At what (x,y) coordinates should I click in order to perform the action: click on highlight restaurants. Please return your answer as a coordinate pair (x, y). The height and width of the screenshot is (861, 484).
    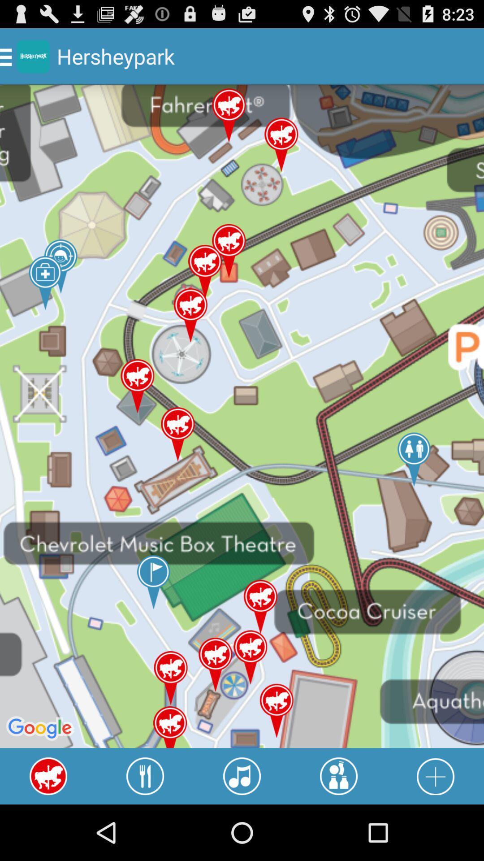
    Looking at the image, I should click on (145, 776).